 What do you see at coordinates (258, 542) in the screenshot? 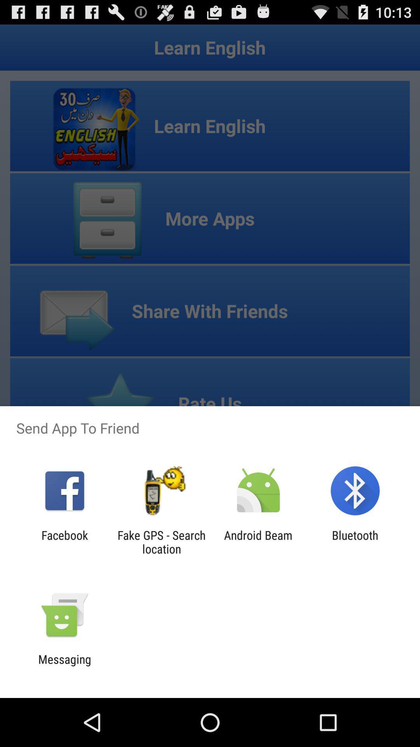
I see `the item to the right of fake gps search app` at bounding box center [258, 542].